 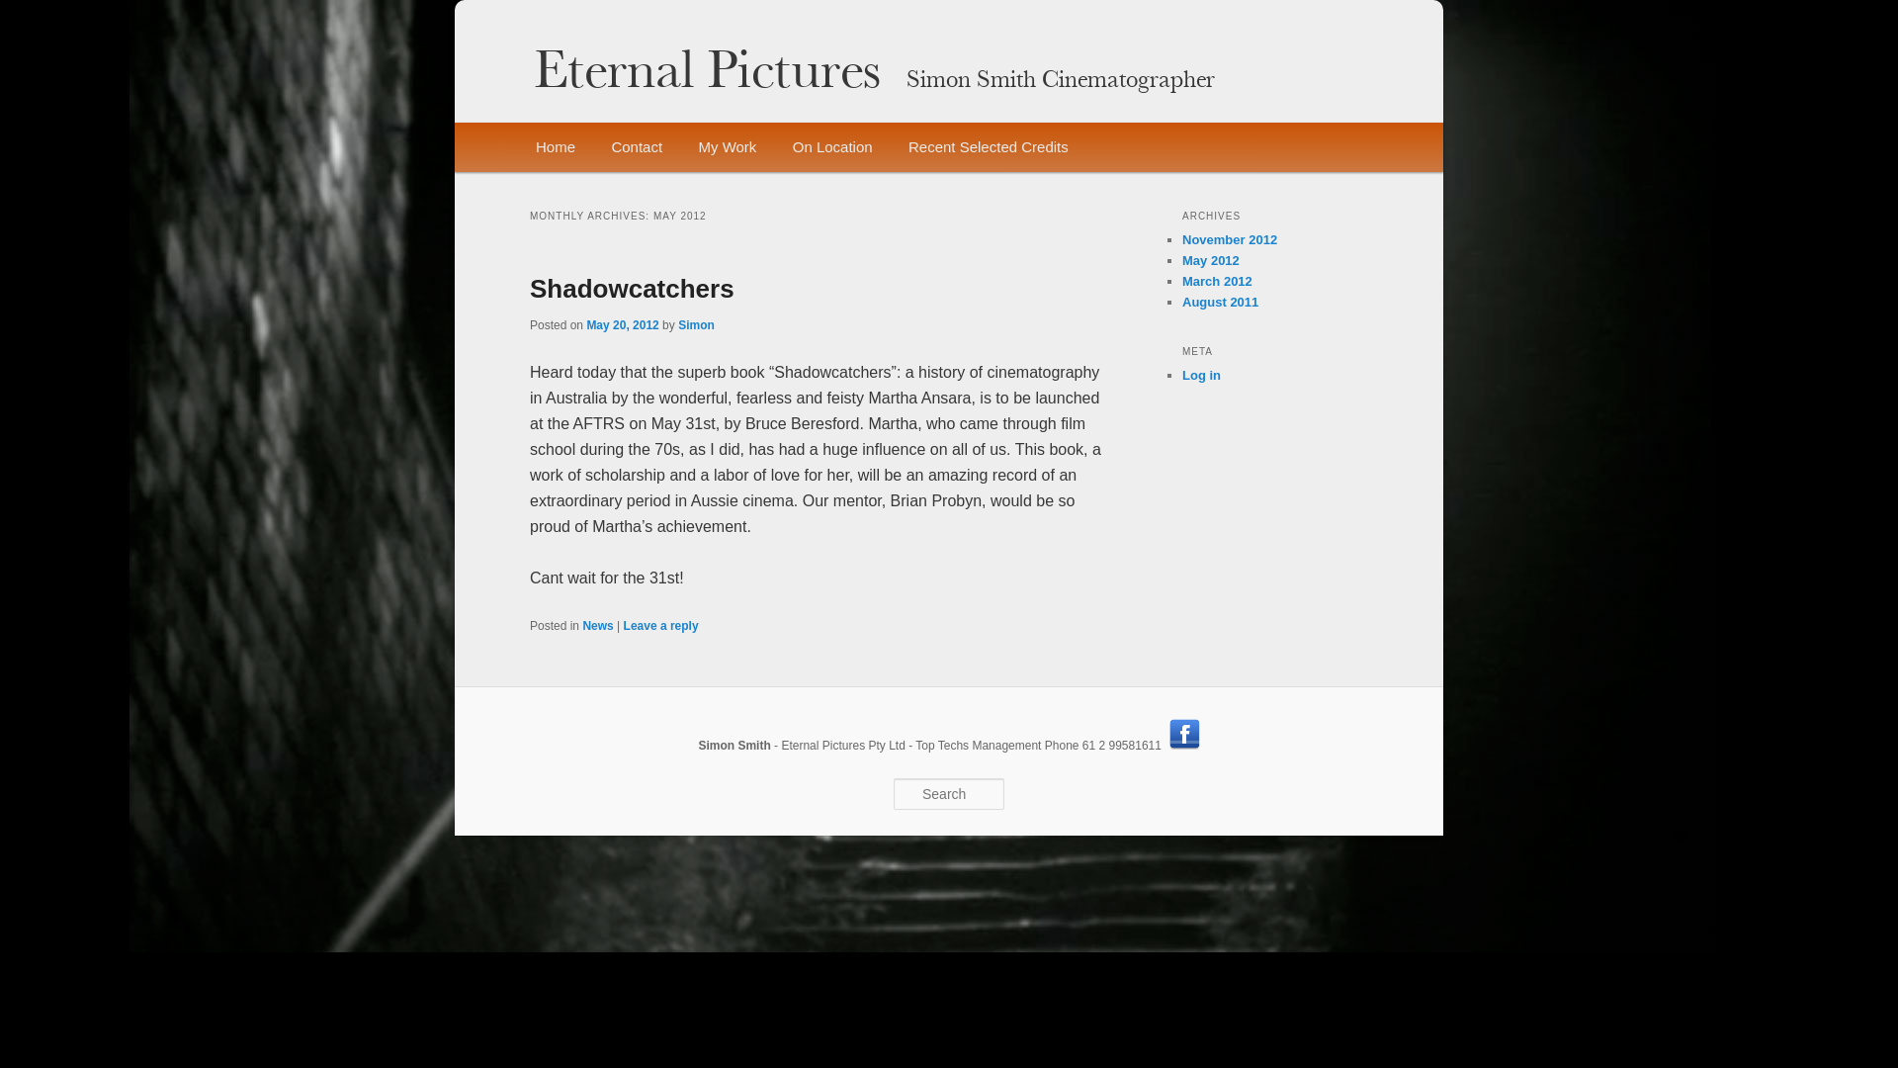 I want to click on 'Home', so click(x=517, y=146).